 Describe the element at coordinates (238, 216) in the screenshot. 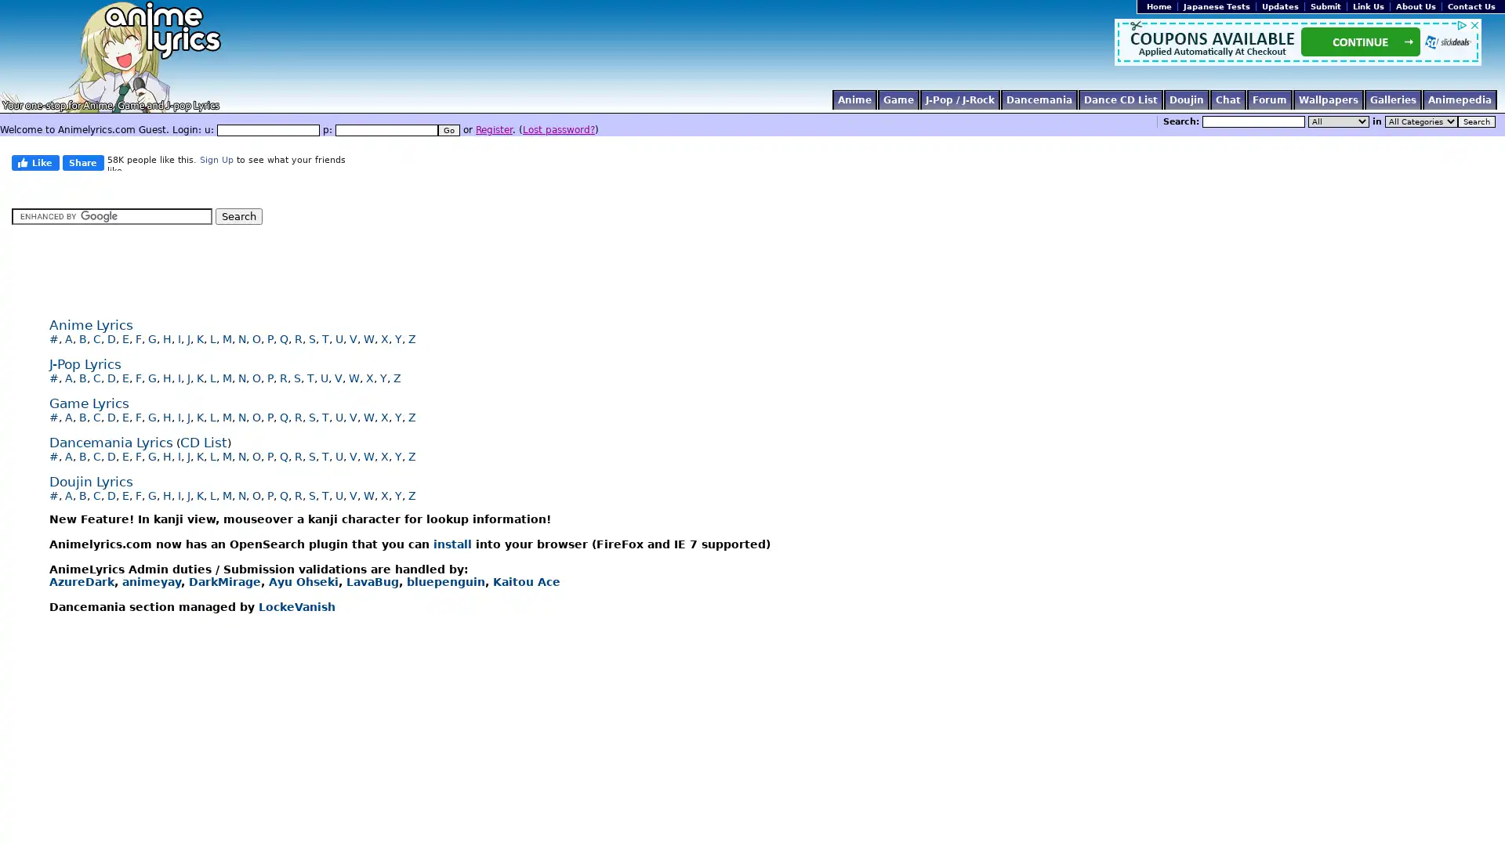

I see `Search` at that location.